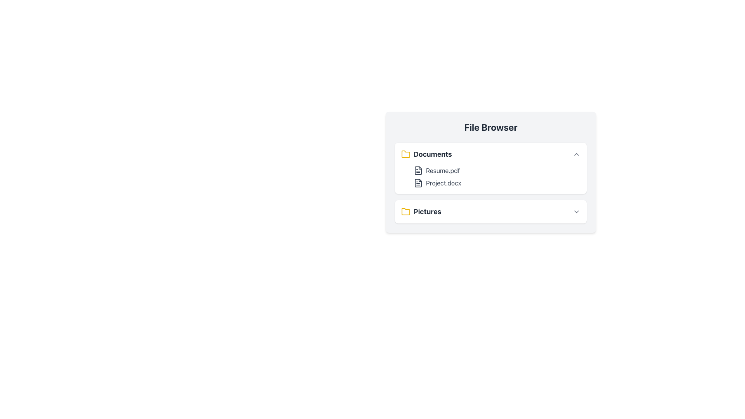  I want to click on the collapse icon located at the far right side of the 'Documents' section to hide its contents, so click(577, 154).